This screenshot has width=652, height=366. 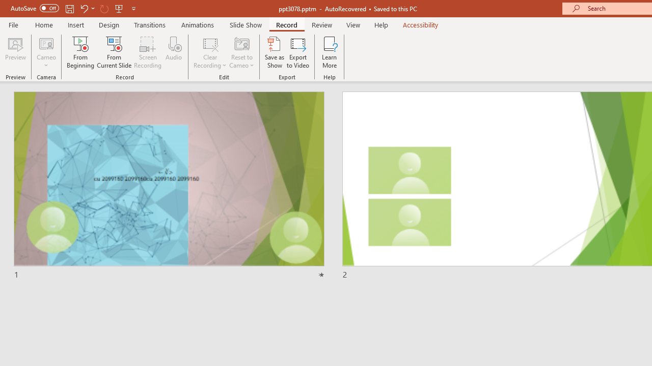 What do you see at coordinates (209, 52) in the screenshot?
I see `'Clear Recording'` at bounding box center [209, 52].